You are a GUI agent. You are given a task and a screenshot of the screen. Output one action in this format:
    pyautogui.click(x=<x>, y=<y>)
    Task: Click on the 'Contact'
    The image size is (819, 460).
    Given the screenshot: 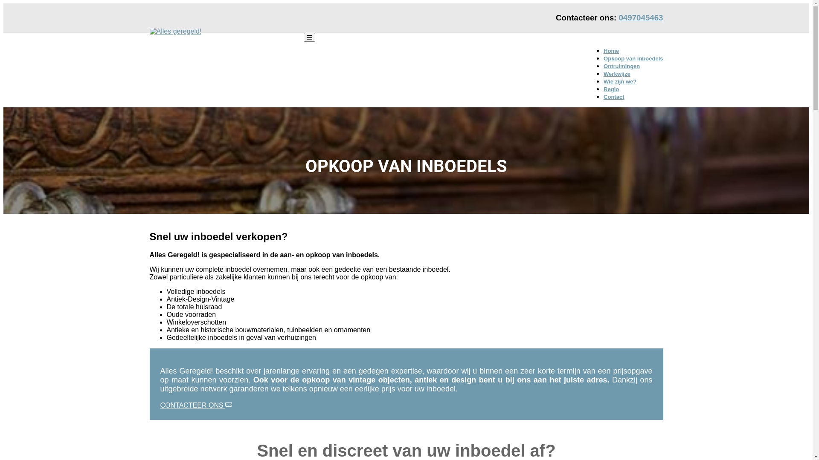 What is the action you would take?
    pyautogui.click(x=613, y=96)
    